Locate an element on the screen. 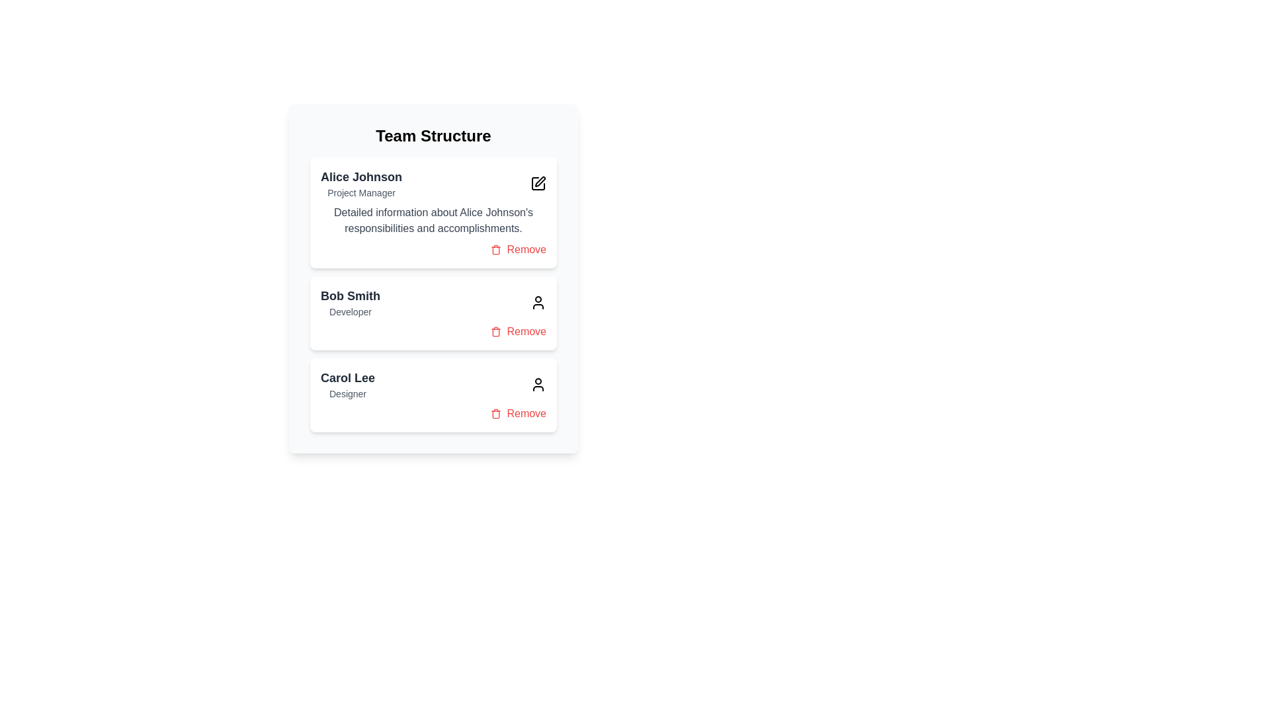 The image size is (1270, 714). 'Remove' button for the team member identified by Bob Smith is located at coordinates (517, 331).